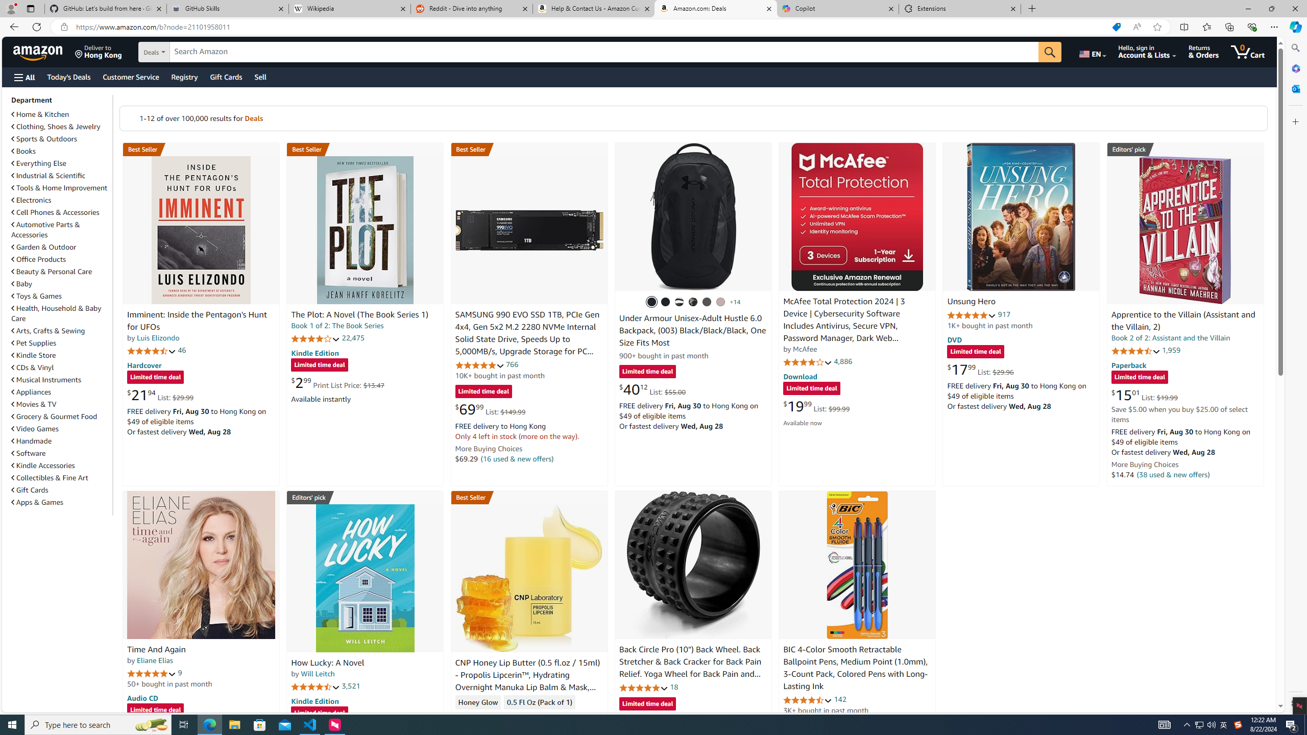 The height and width of the screenshot is (735, 1307). Describe the element at coordinates (60, 379) in the screenshot. I see `'Musical Instruments'` at that location.